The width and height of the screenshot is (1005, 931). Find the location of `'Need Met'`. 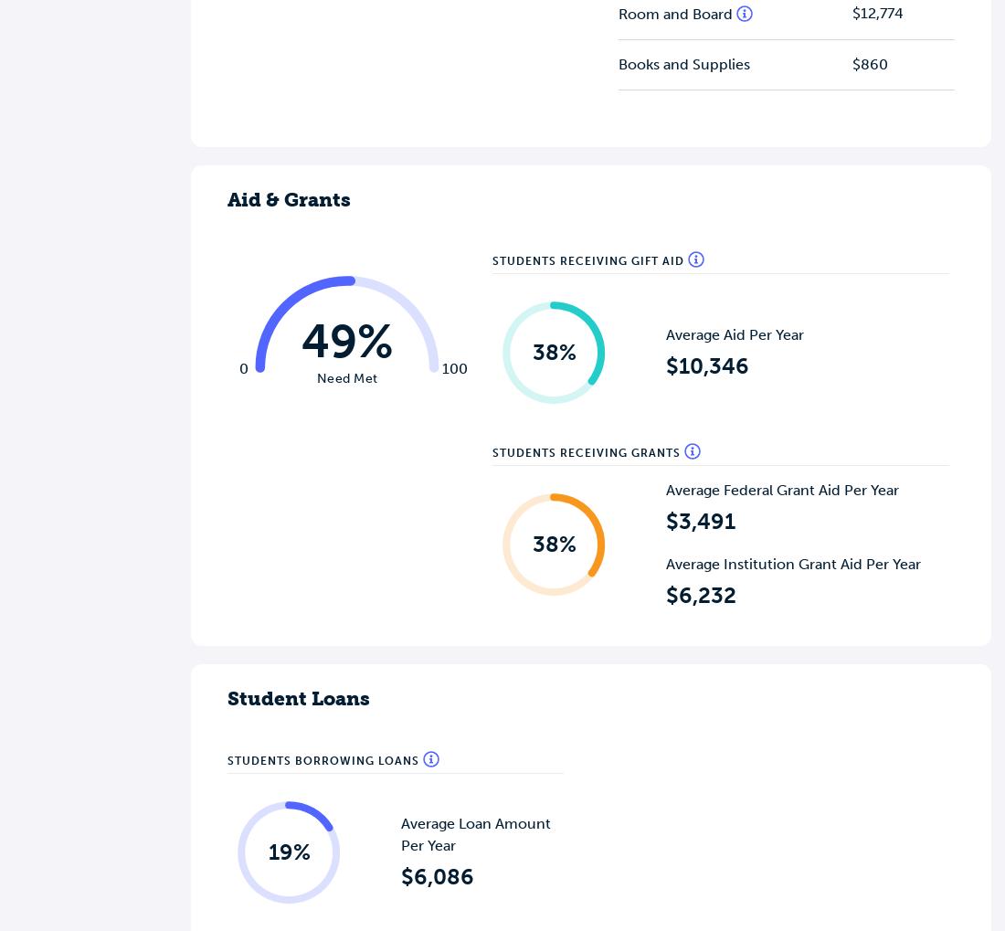

'Need Met' is located at coordinates (317, 376).